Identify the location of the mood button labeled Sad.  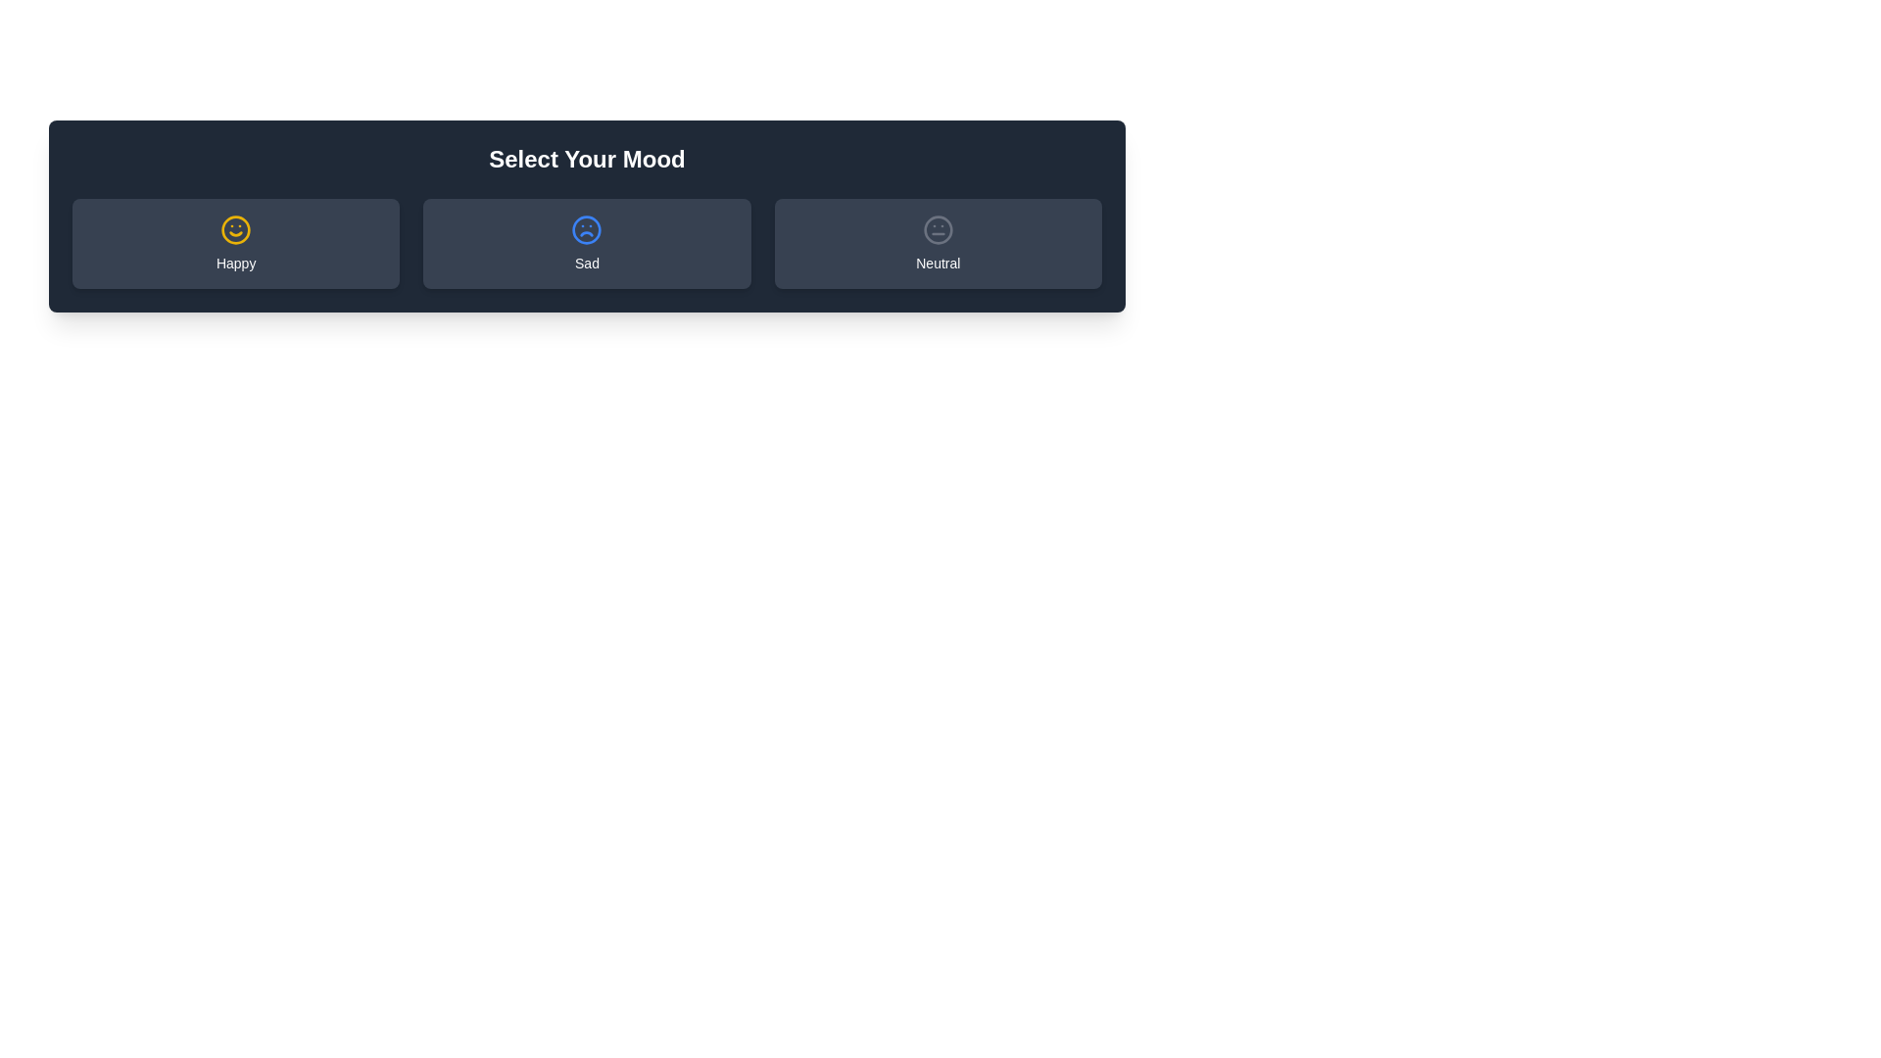
(586, 243).